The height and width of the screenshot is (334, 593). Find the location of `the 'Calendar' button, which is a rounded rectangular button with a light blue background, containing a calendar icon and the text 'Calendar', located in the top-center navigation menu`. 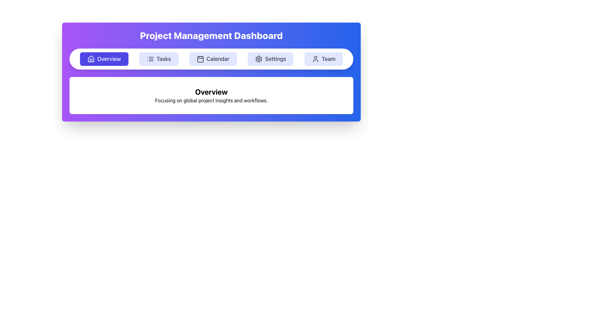

the 'Calendar' button, which is a rounded rectangular button with a light blue background, containing a calendar icon and the text 'Calendar', located in the top-center navigation menu is located at coordinates (213, 59).